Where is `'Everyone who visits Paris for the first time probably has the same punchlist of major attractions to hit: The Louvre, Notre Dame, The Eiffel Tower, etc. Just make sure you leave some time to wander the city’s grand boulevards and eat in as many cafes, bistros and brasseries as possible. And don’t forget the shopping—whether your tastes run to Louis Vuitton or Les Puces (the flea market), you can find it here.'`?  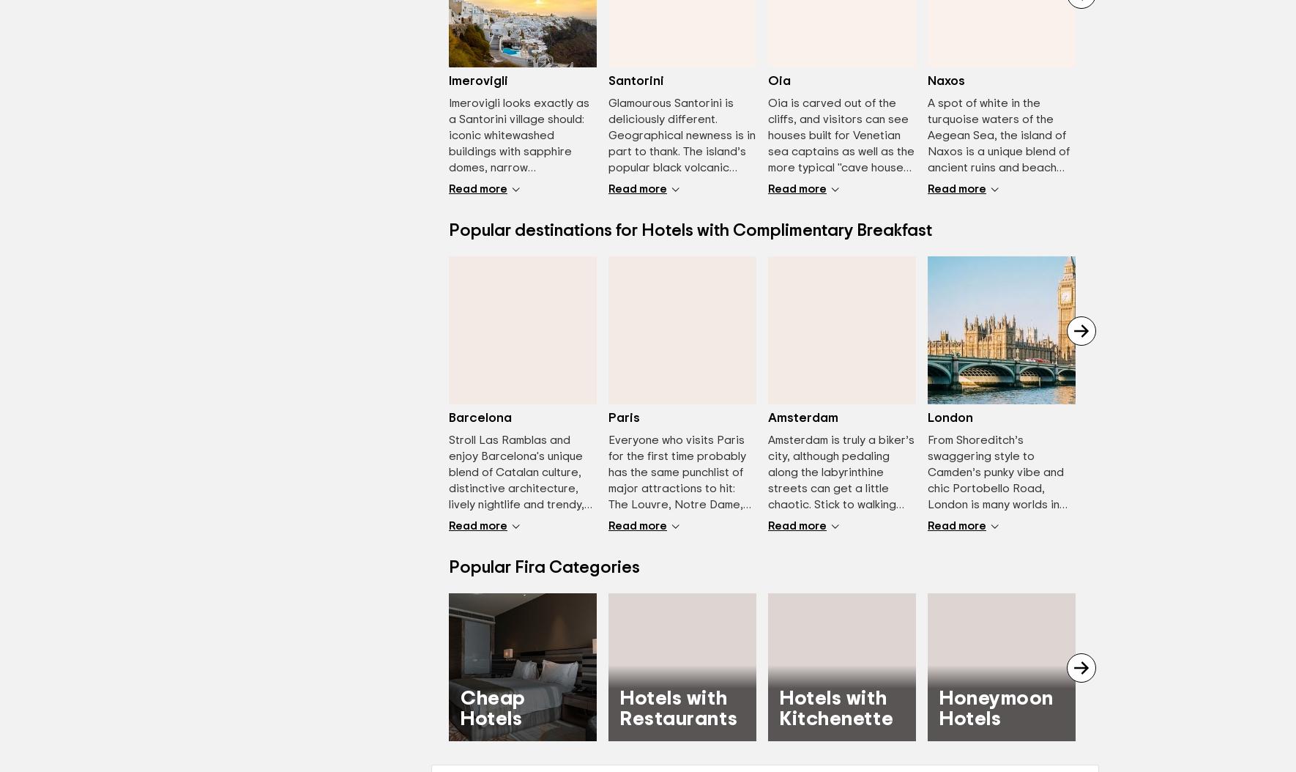
'Everyone who visits Paris for the first time probably has the same punchlist of major attractions to hit: The Louvre, Notre Dame, The Eiffel Tower, etc. Just make sure you leave some time to wander the city’s grand boulevards and eat in as many cafes, bistros and brasseries as possible. And don’t forget the shopping—whether your tastes run to Louis Vuitton or Les Puces (the flea market), you can find it here.' is located at coordinates (679, 569).